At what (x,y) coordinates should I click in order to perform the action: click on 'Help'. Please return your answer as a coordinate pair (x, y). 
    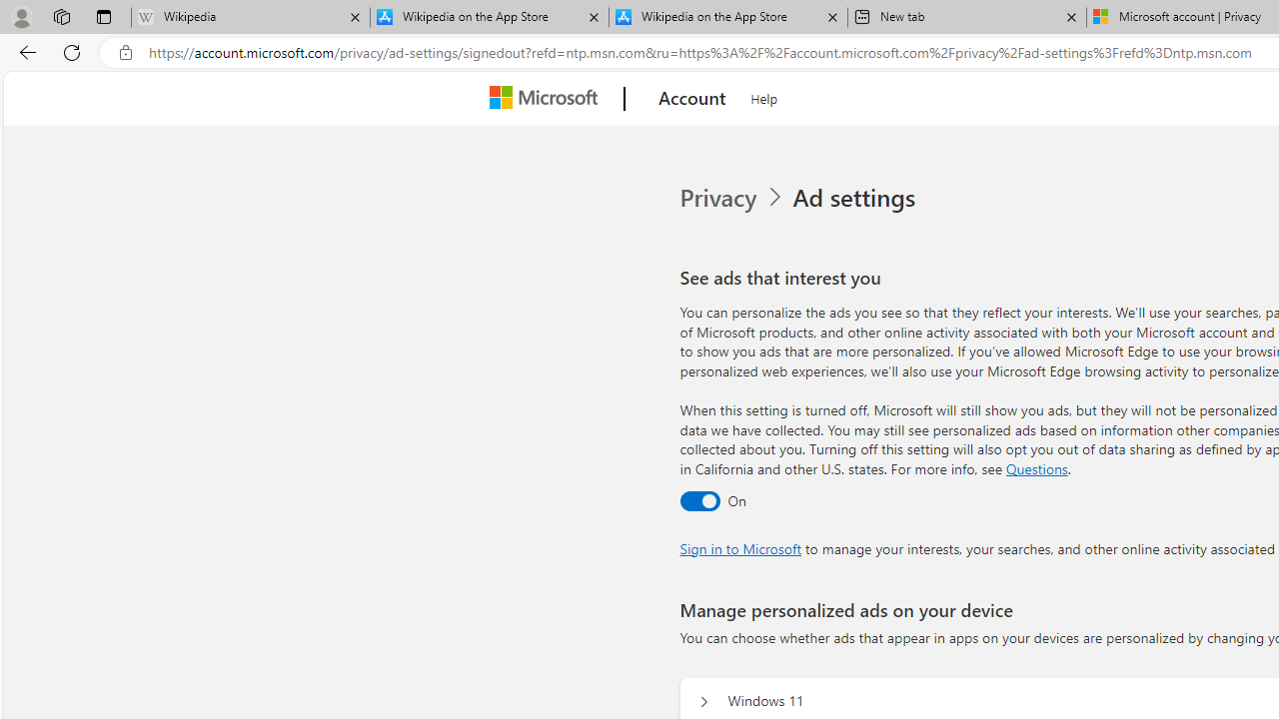
    Looking at the image, I should click on (763, 96).